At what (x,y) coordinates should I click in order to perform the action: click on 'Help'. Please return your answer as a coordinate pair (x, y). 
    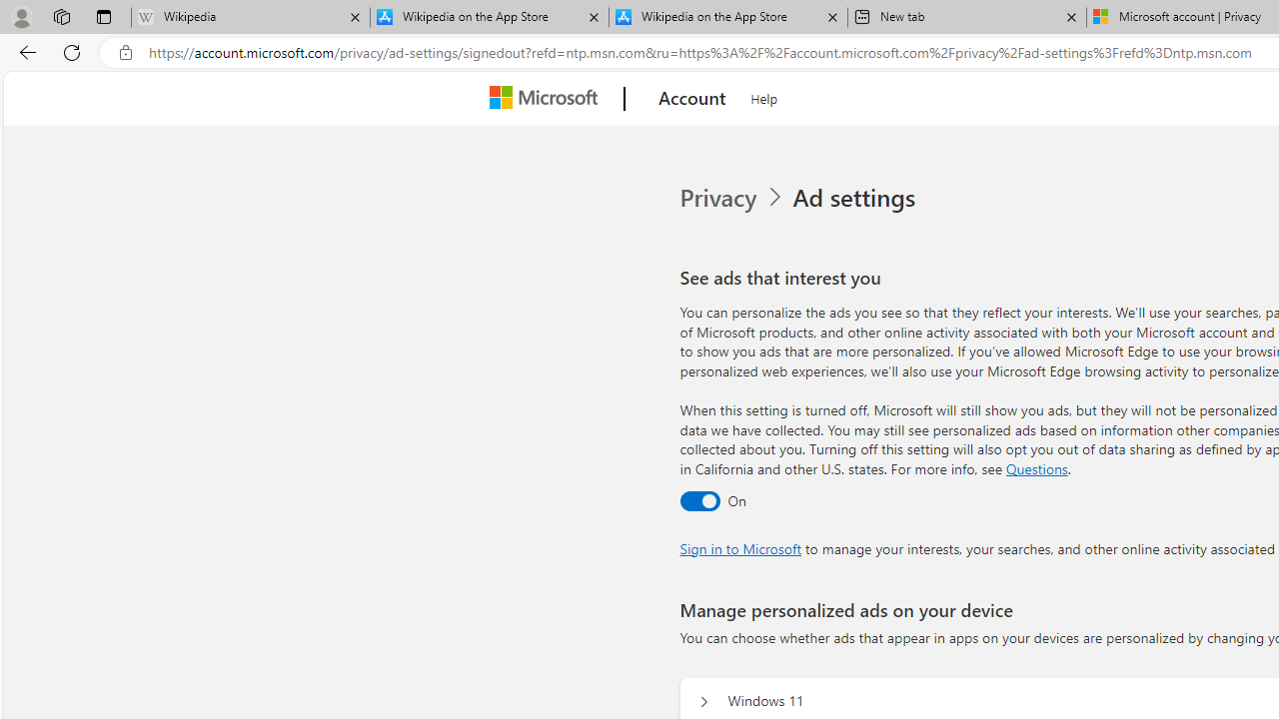
    Looking at the image, I should click on (763, 96).